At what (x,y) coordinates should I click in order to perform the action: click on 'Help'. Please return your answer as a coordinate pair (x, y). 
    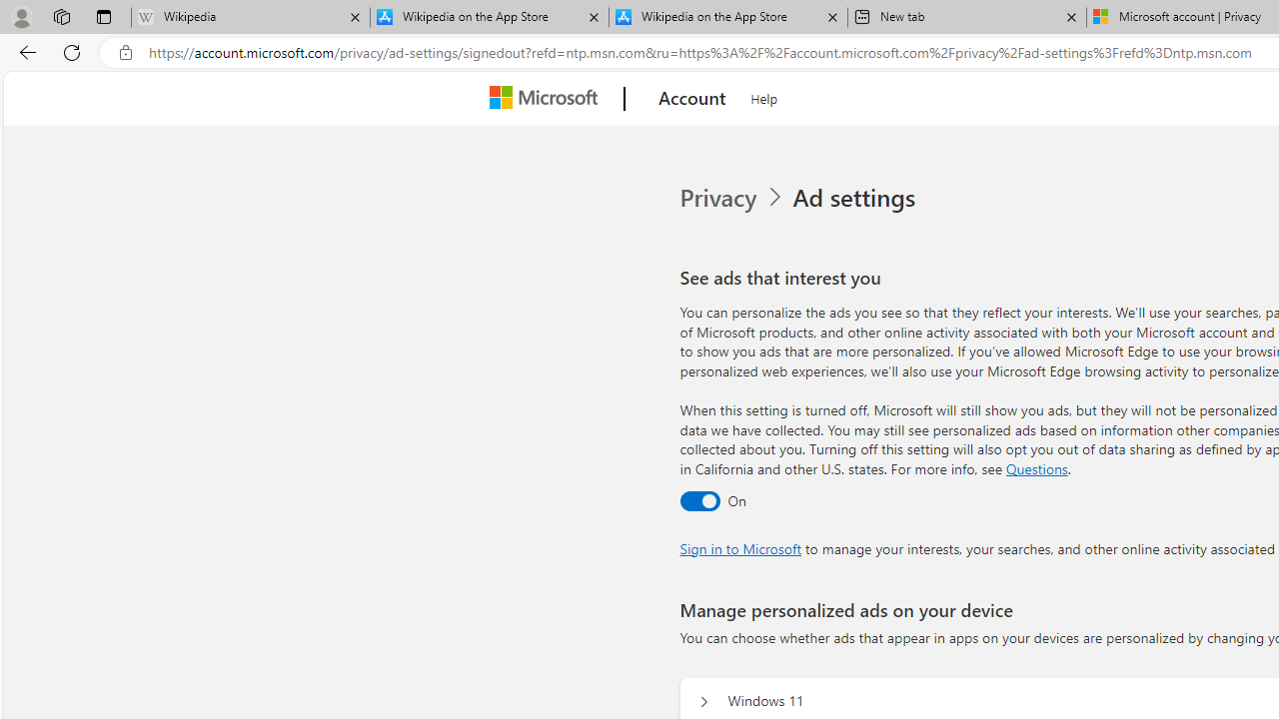
    Looking at the image, I should click on (763, 96).